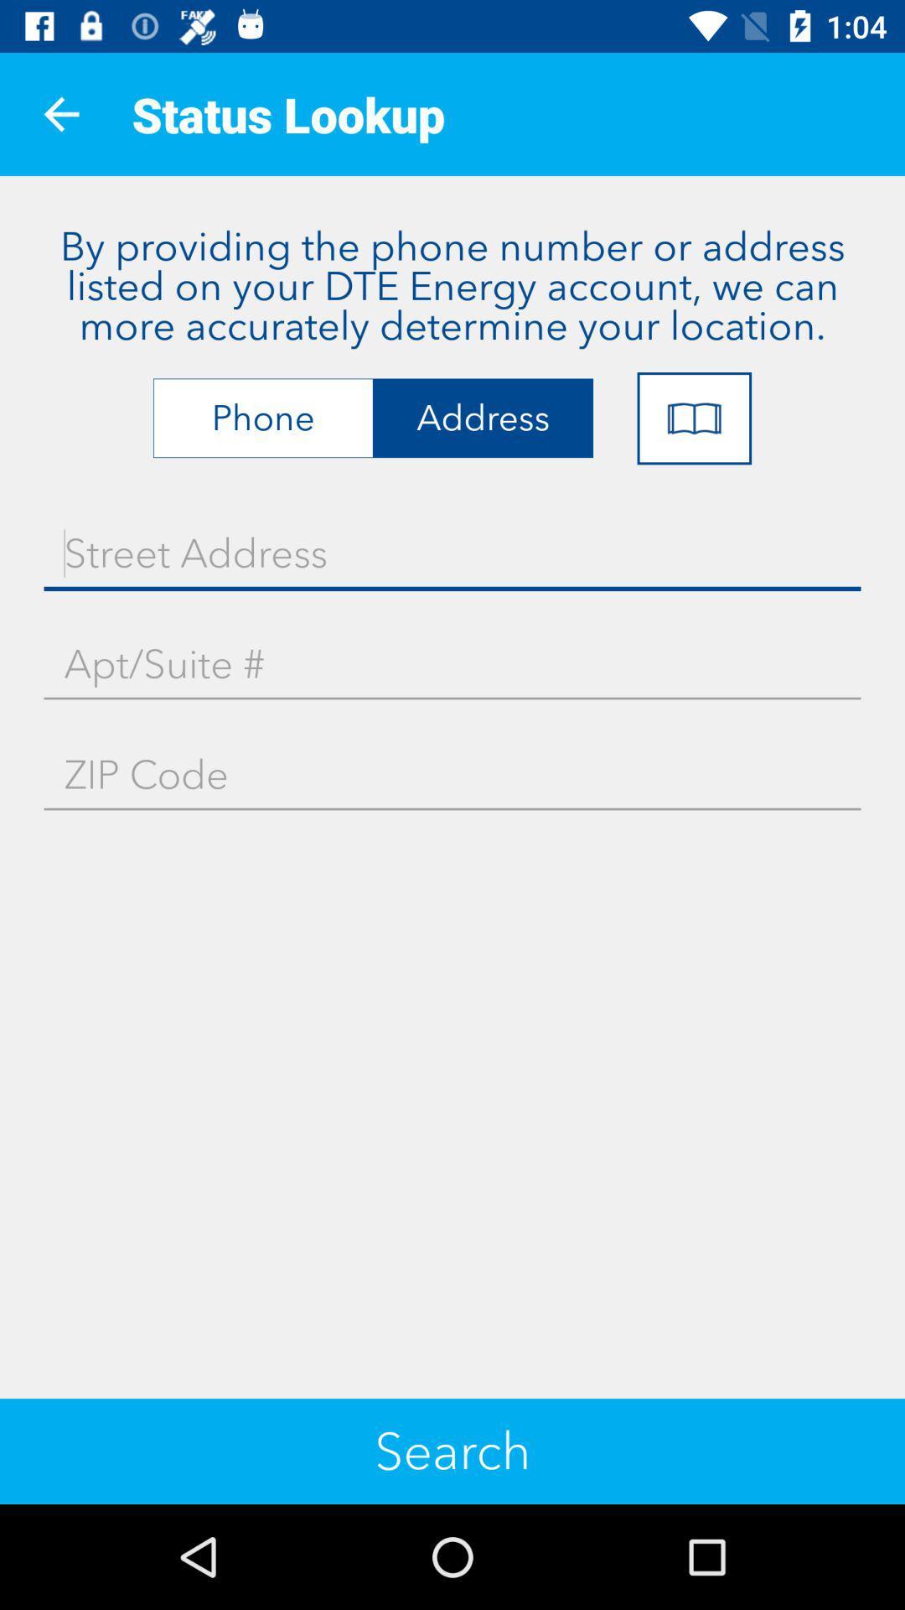  Describe the element at coordinates (694, 418) in the screenshot. I see `item at the top right corner` at that location.